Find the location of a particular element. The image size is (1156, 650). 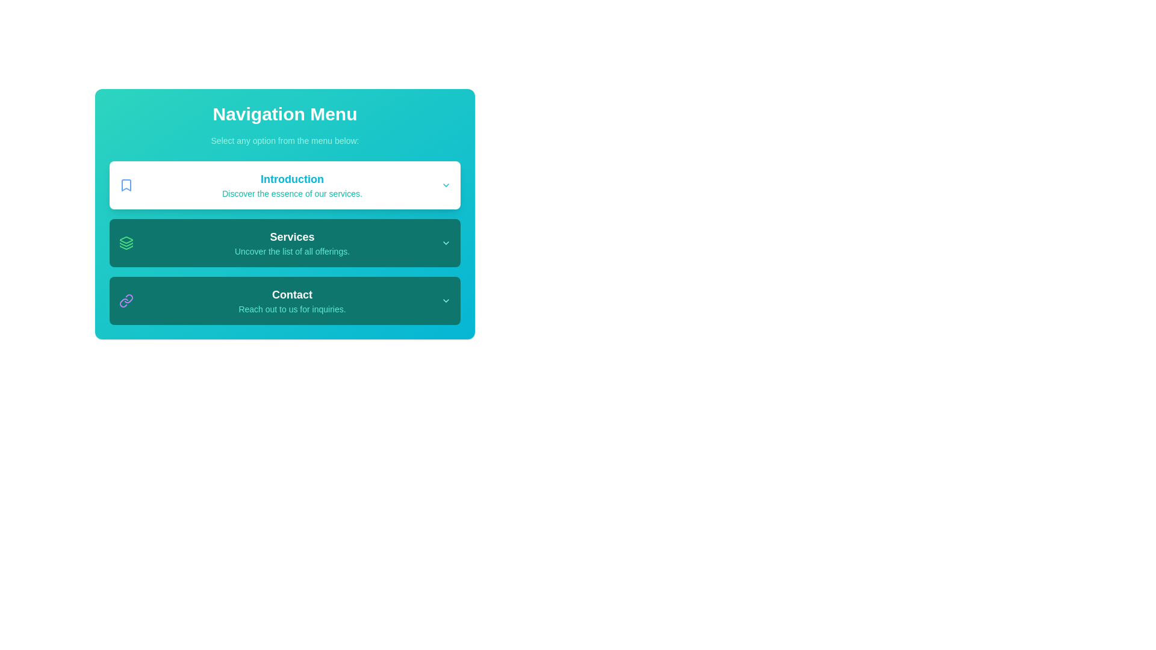

the stylized link chain icon with a purple outline located to the left of the 'Contact' text block in the navigation menu is located at coordinates (126, 300).